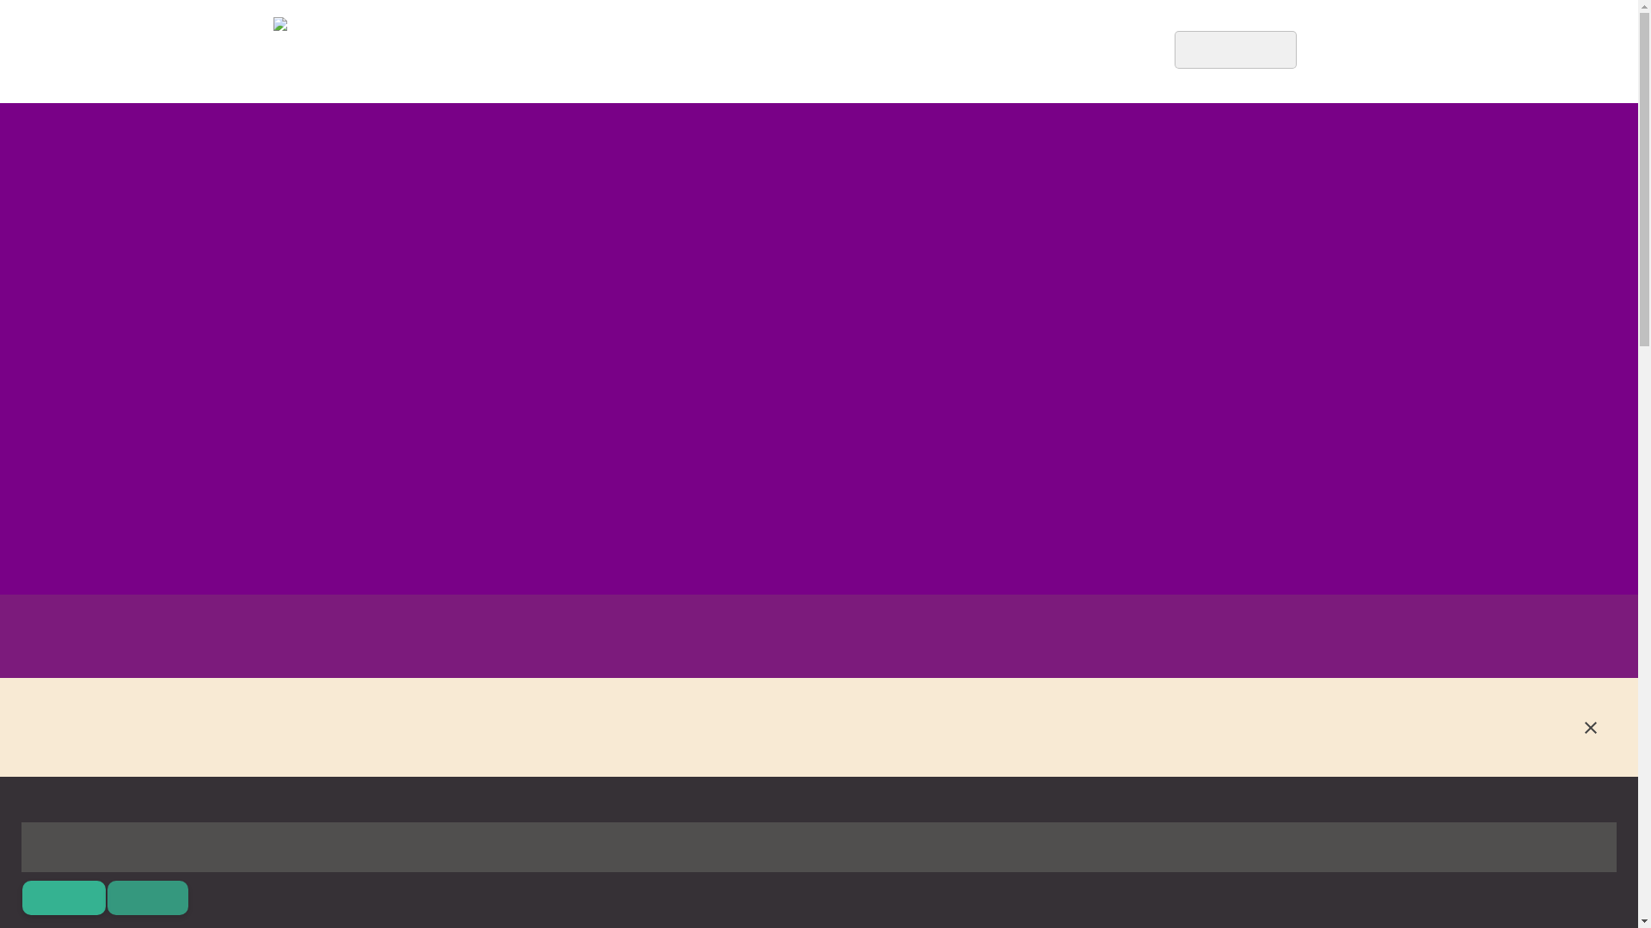 This screenshot has height=928, width=1651. Describe the element at coordinates (646, 51) in the screenshot. I see `'A Little About Us` at that location.